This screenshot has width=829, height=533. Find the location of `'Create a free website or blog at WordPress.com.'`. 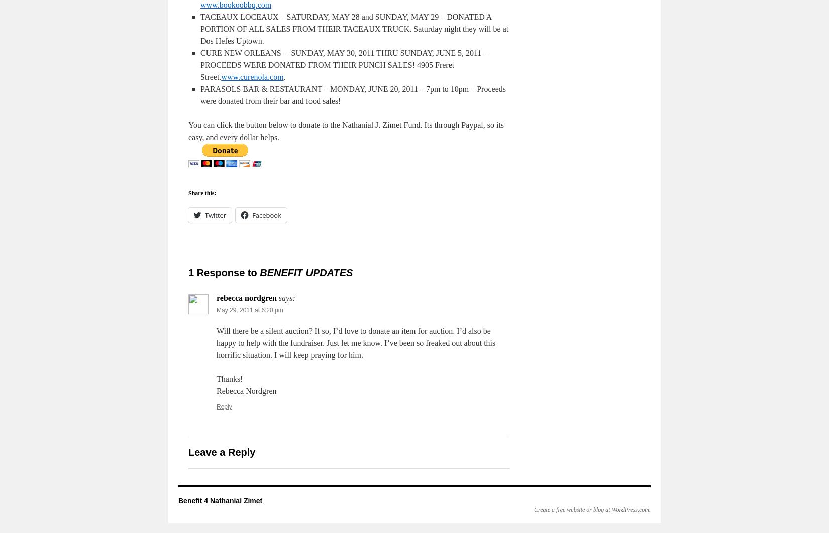

'Create a free website or blog at WordPress.com.' is located at coordinates (592, 509).